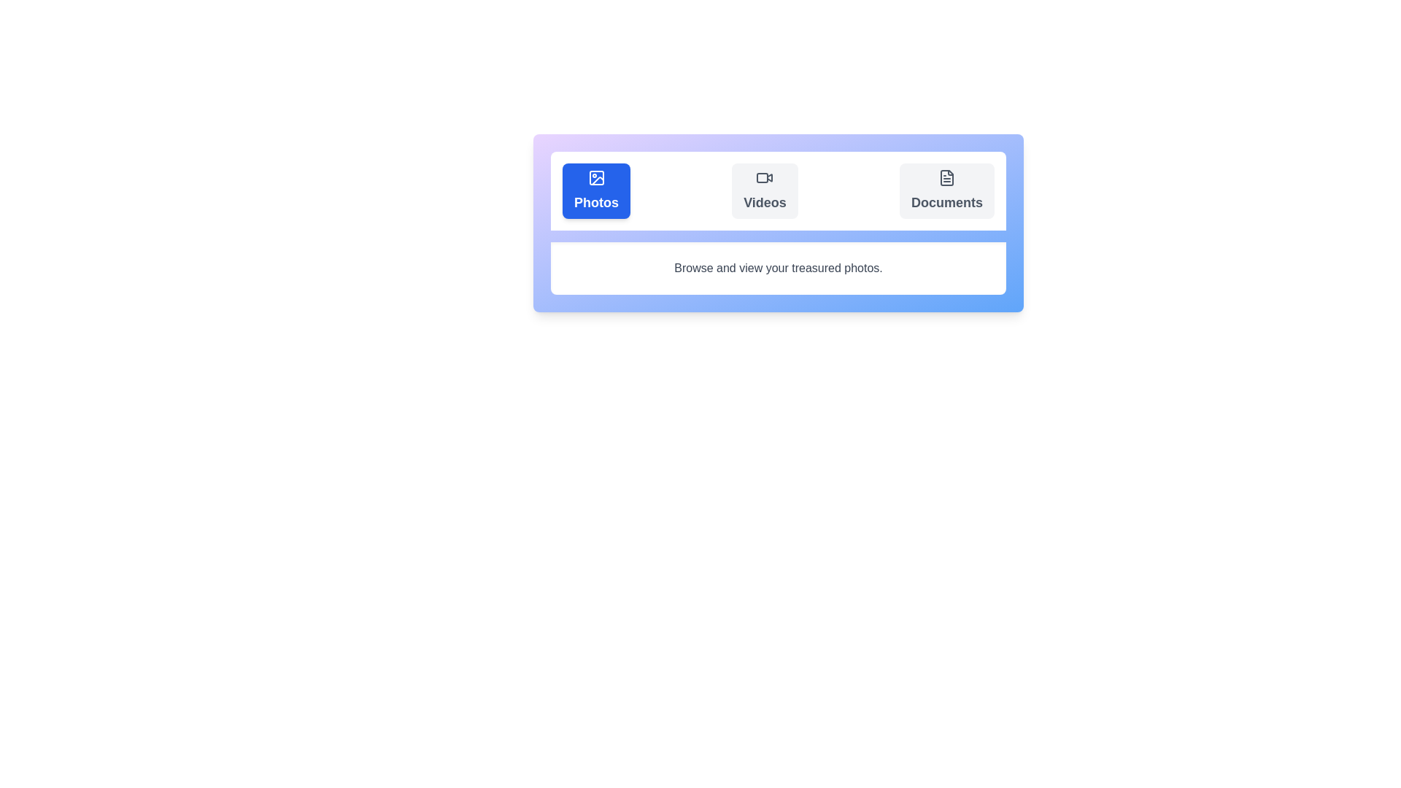 Image resolution: width=1401 pixels, height=788 pixels. What do you see at coordinates (946, 190) in the screenshot?
I see `the third button labeled 'Documents', which features a document icon and a light gray background, to trigger the hover scale effect` at bounding box center [946, 190].